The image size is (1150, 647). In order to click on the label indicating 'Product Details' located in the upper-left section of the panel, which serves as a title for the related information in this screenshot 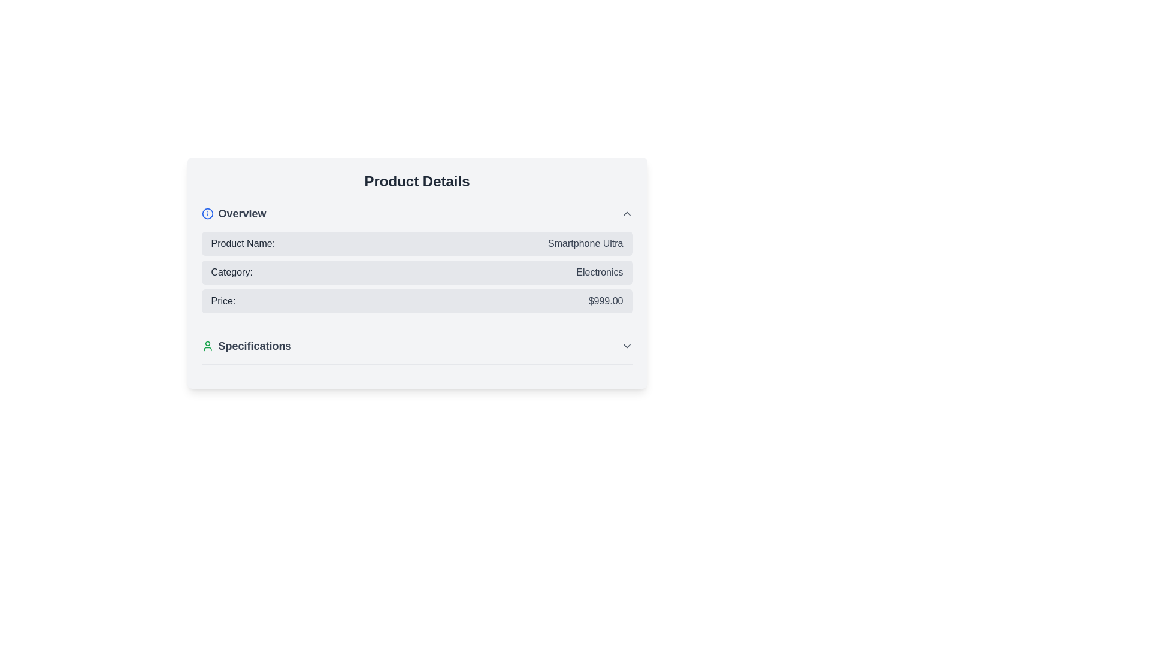, I will do `click(234, 213)`.